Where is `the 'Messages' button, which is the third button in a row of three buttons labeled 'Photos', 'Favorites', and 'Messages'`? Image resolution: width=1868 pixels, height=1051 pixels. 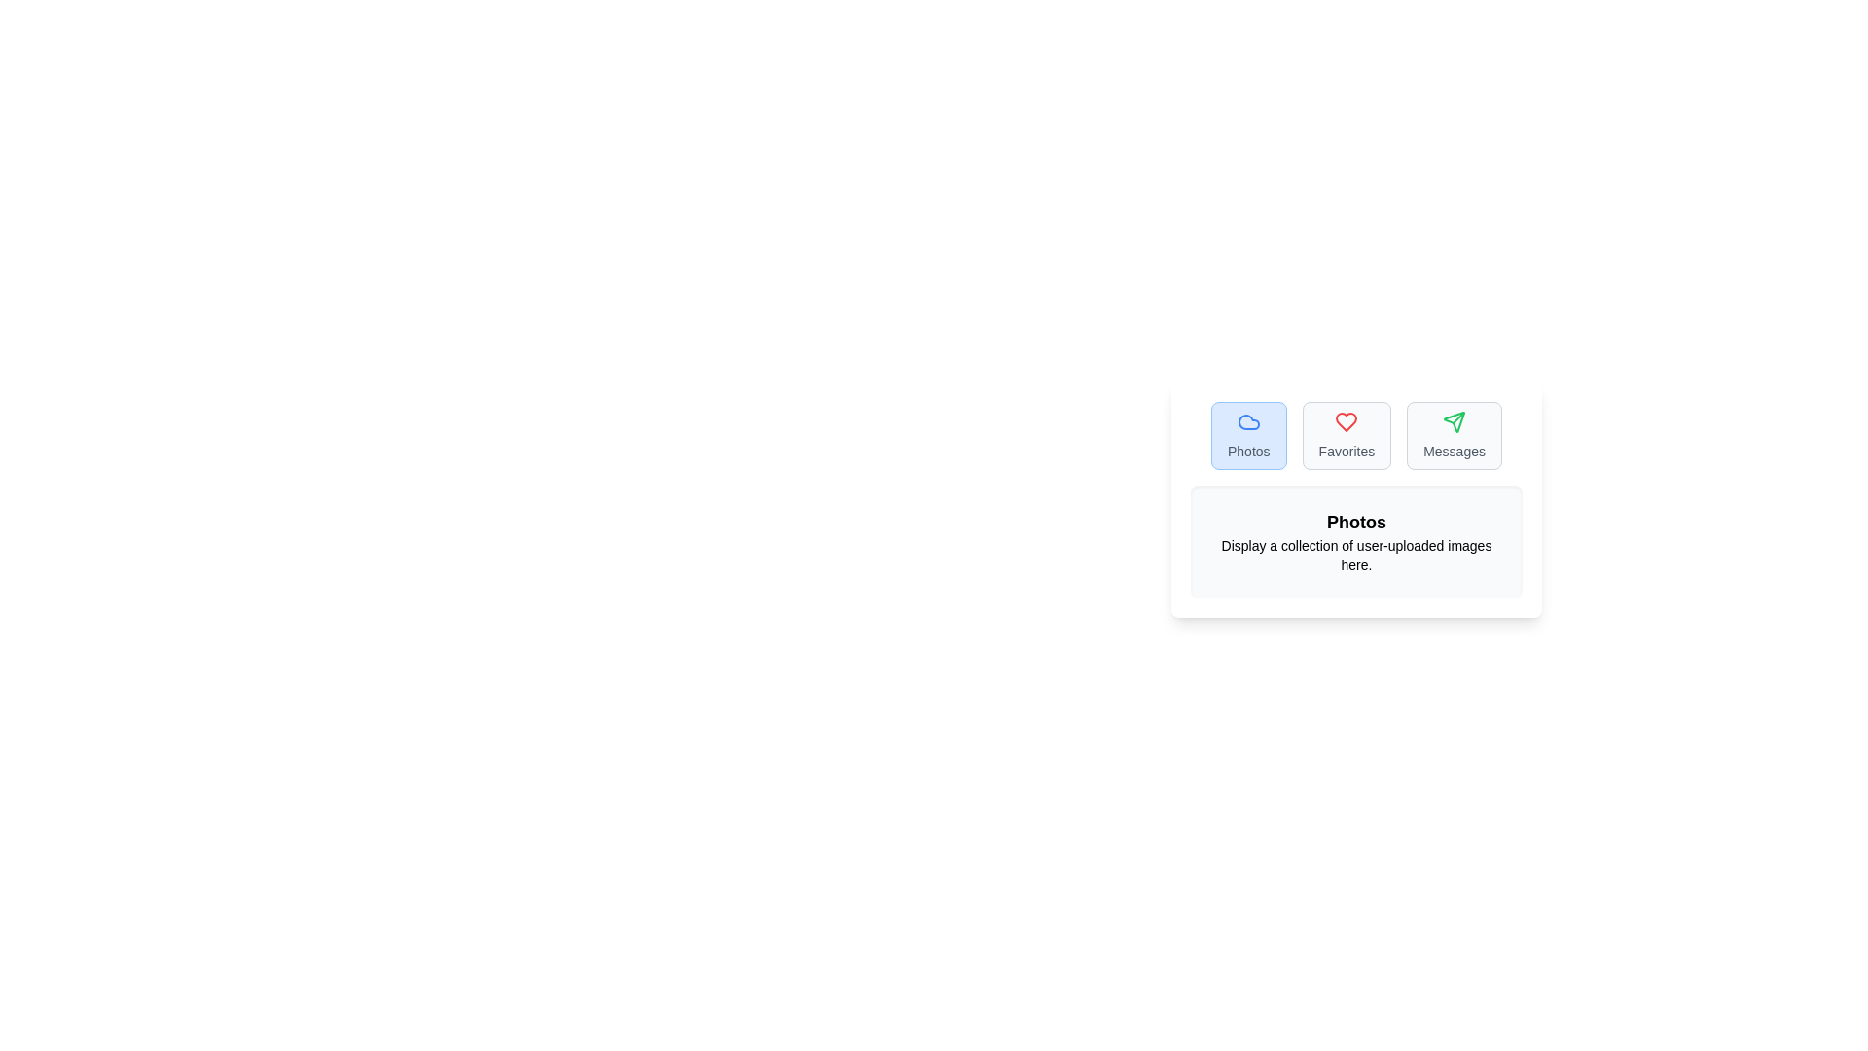 the 'Messages' button, which is the third button in a row of three buttons labeled 'Photos', 'Favorites', and 'Messages' is located at coordinates (1455, 434).